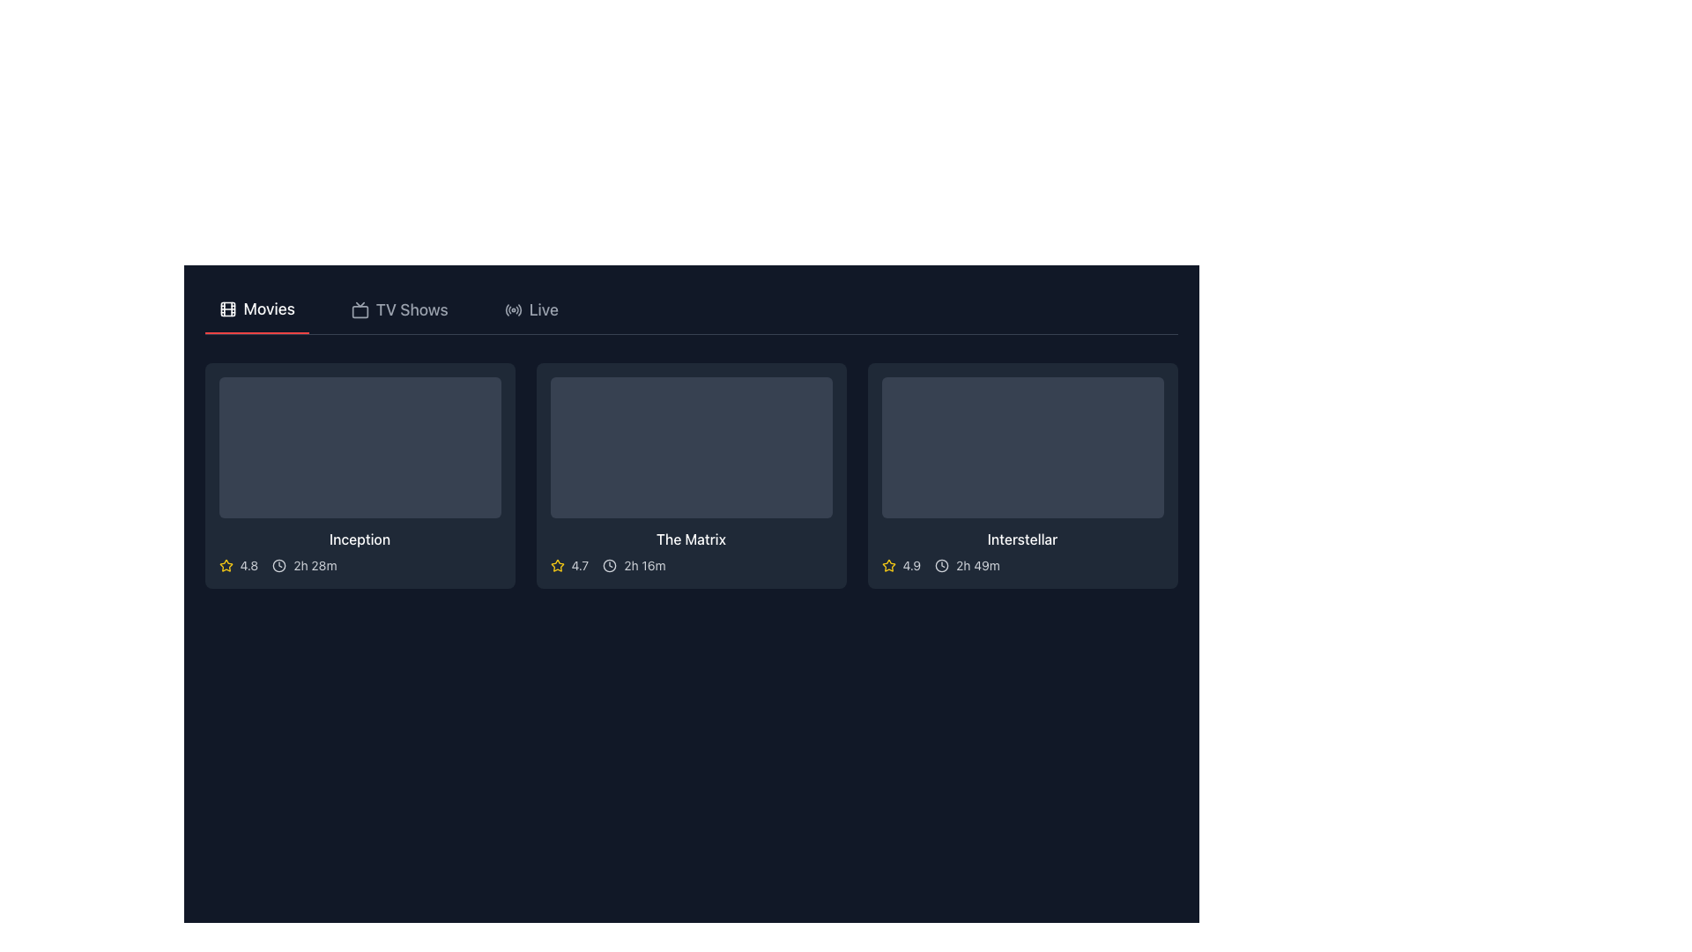 This screenshot has width=1692, height=952. What do you see at coordinates (411, 309) in the screenshot?
I see `the 'TV Shows' text label` at bounding box center [411, 309].